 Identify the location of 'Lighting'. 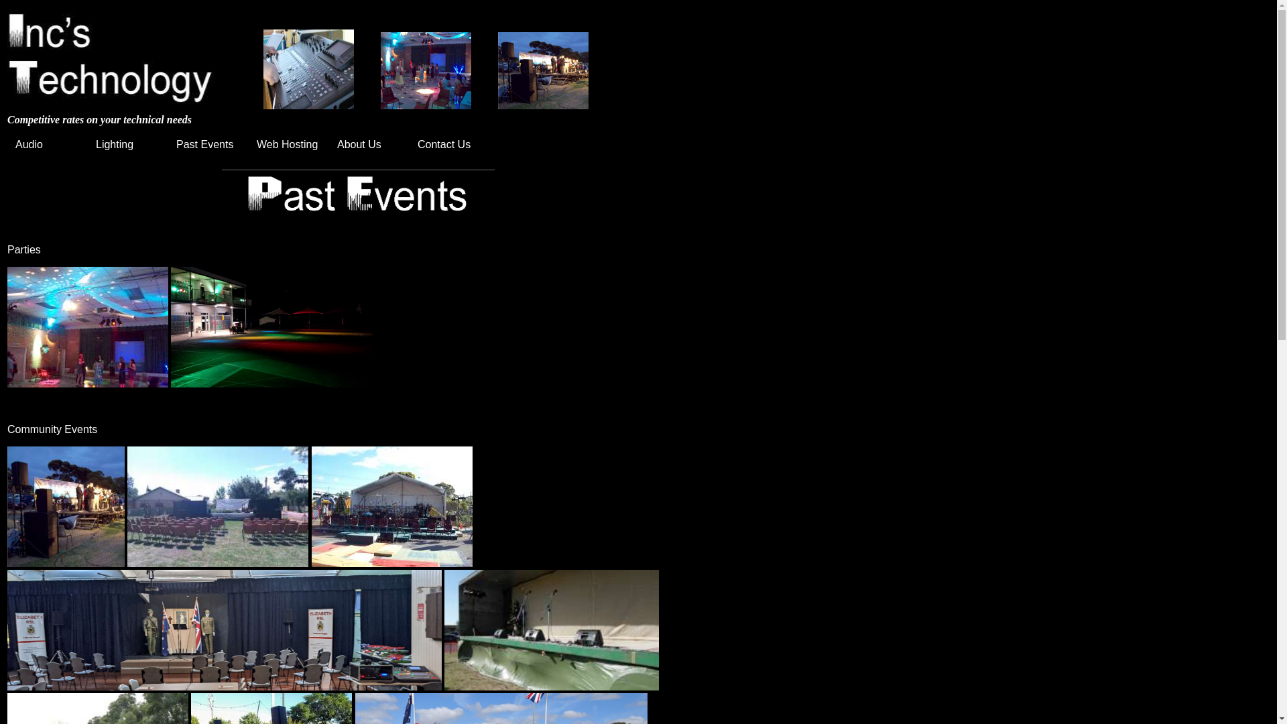
(86, 145).